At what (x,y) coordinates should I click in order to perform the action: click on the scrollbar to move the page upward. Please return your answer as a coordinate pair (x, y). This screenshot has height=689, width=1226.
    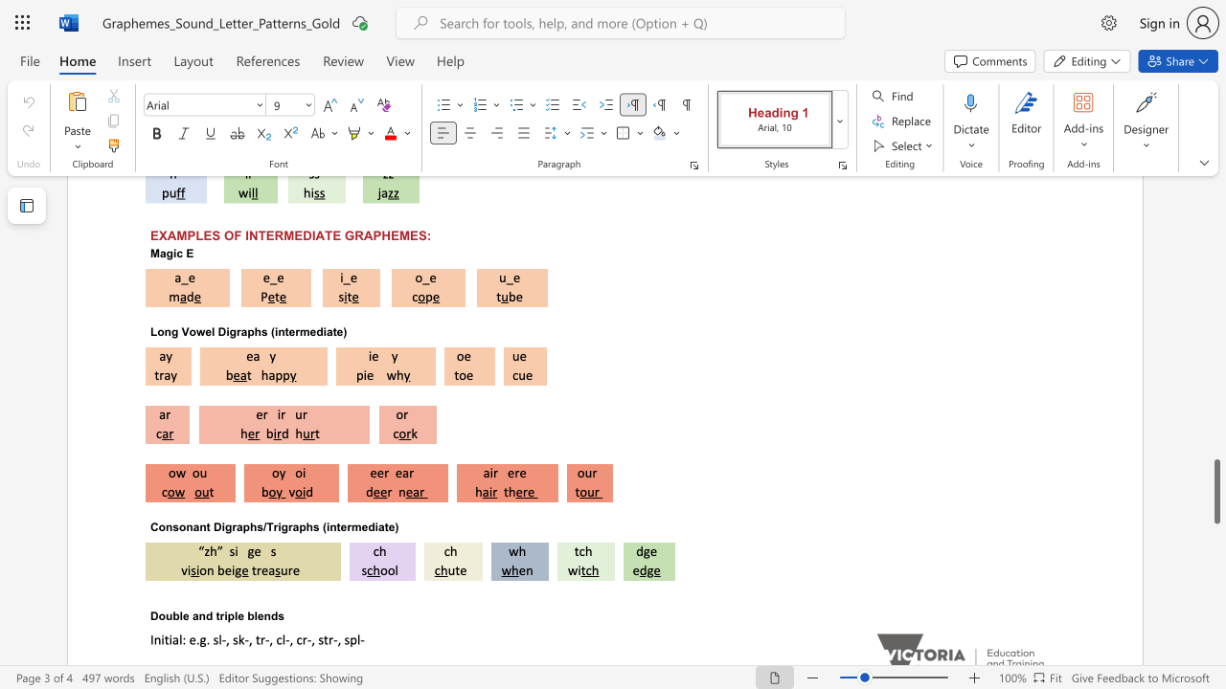
    Looking at the image, I should click on (1215, 268).